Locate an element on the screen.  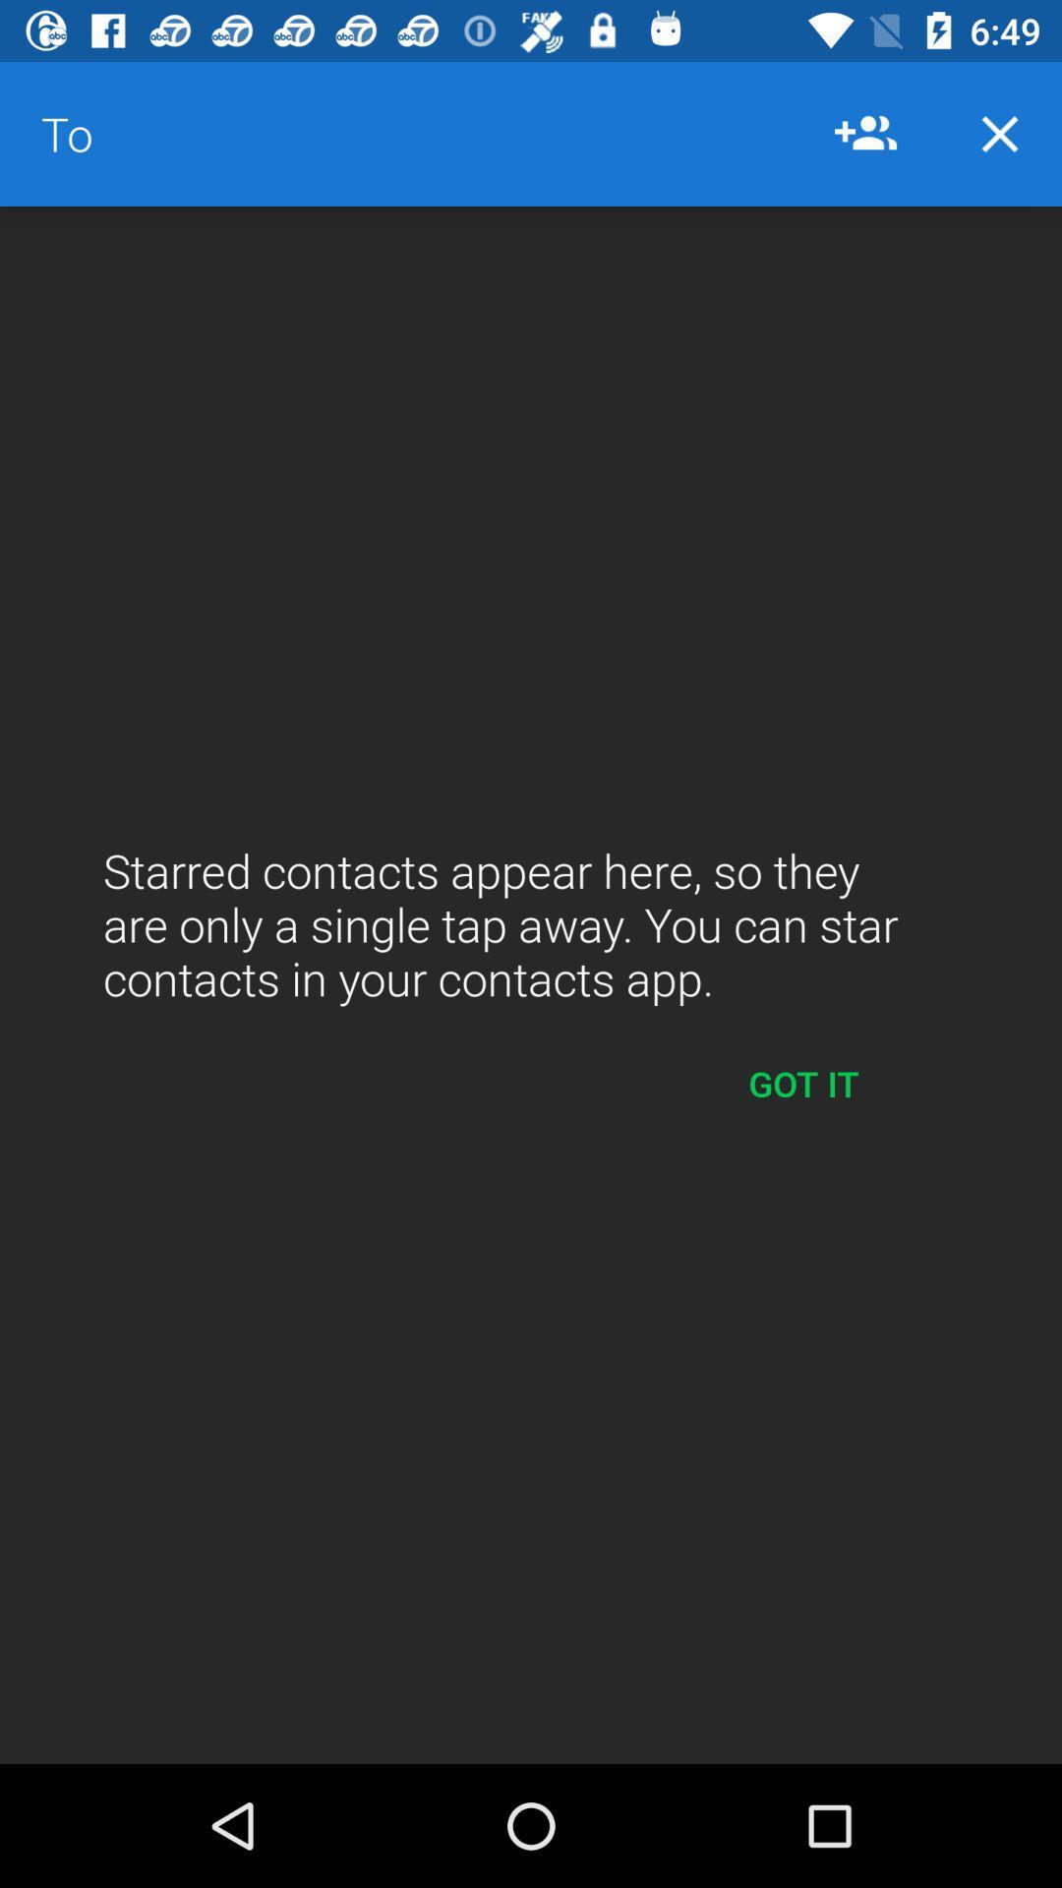
the follow icon is located at coordinates (864, 133).